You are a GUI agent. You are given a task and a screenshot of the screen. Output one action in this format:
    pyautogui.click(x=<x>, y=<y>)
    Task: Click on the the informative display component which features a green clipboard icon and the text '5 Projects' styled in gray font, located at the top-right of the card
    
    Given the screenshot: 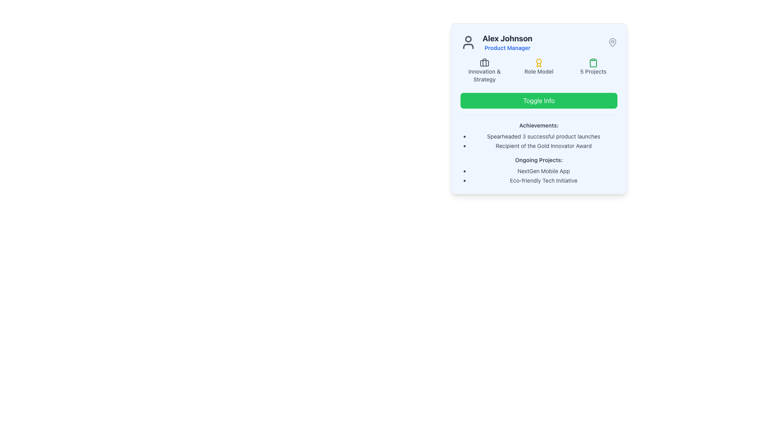 What is the action you would take?
    pyautogui.click(x=593, y=71)
    